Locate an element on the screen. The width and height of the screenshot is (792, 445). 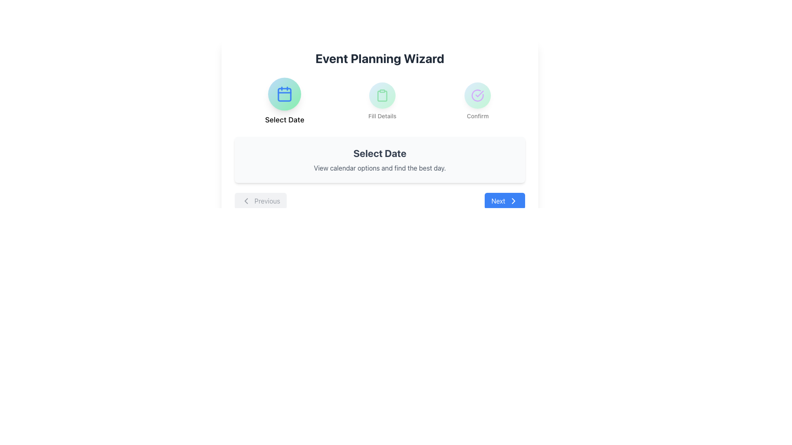
the compact calendar icon with a blue outline, located on the leftmost side of the horizontal row of icons under the header 'Event Planning Wizard' is located at coordinates (284, 94).